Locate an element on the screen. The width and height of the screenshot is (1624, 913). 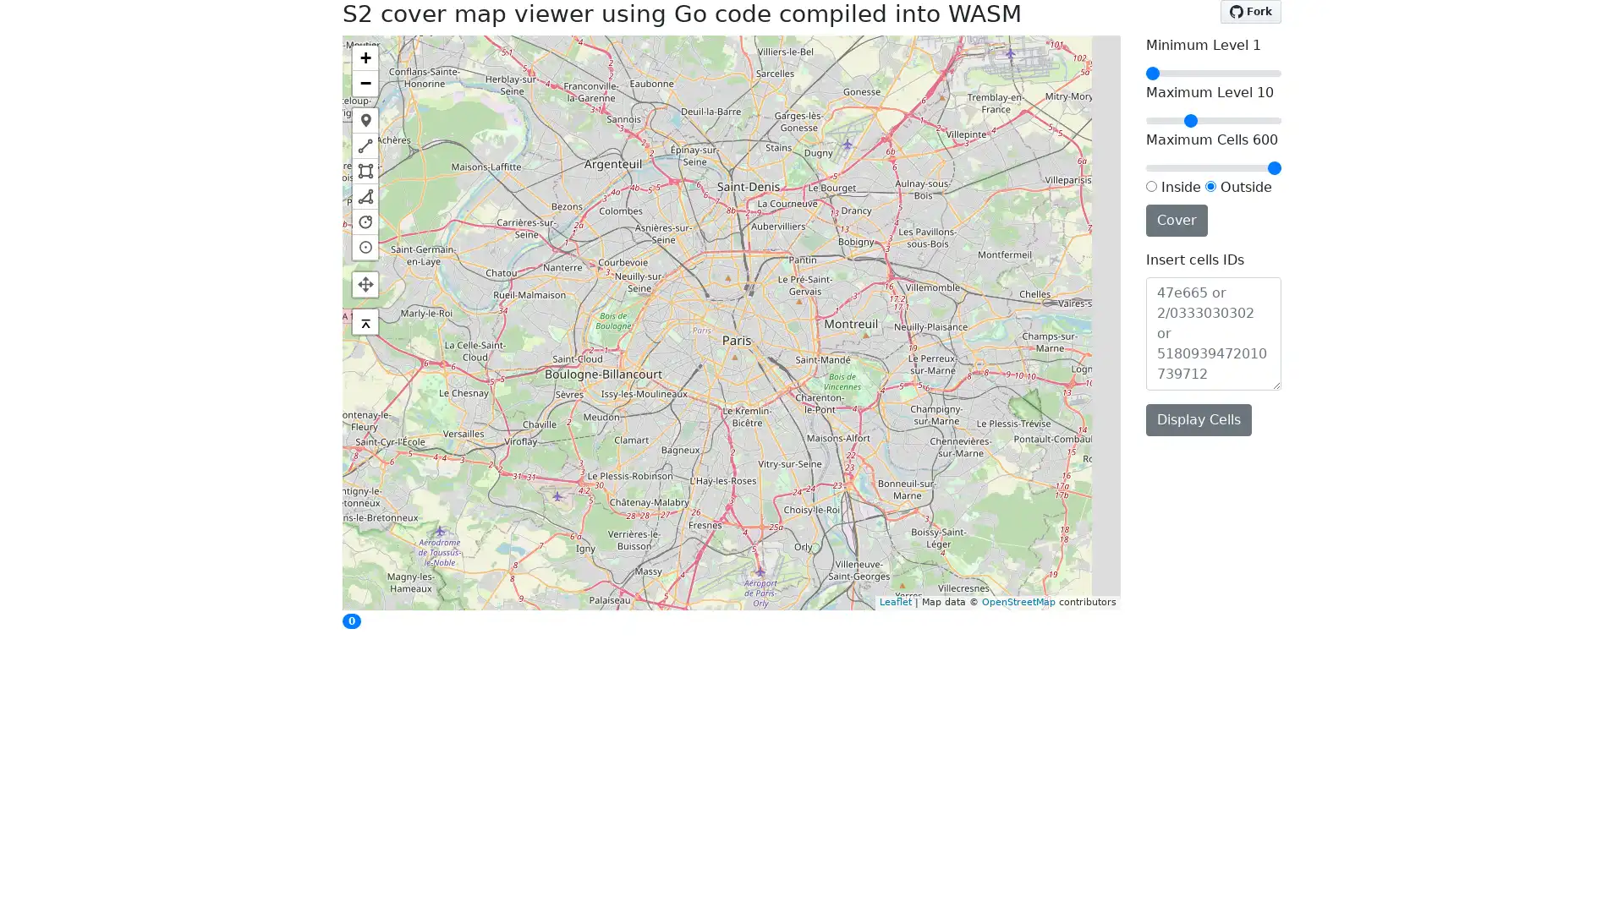
Zoom out is located at coordinates (365, 82).